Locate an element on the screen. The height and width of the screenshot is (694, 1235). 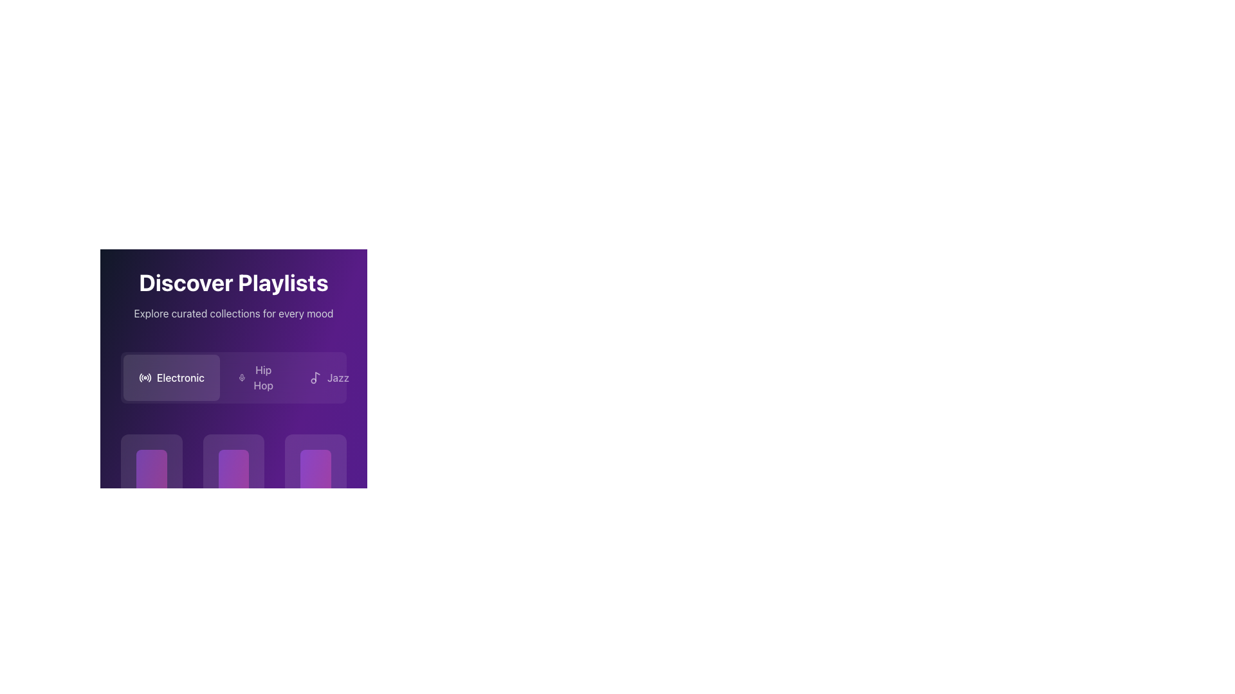
the 'Electronic' button, which is the leftmost button in a group of four horizontally aligned buttons located below the title 'Discover Playlists' is located at coordinates (171, 377).